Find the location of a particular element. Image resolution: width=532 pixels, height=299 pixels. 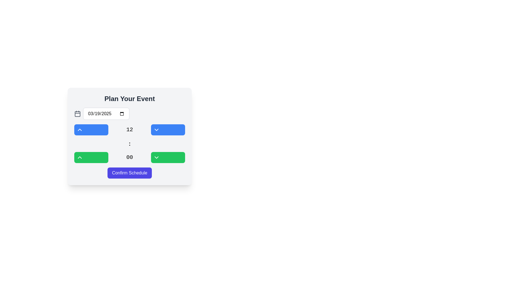

the increment button located at the top of the first column in the grid layout to increase the value is located at coordinates (91, 130).